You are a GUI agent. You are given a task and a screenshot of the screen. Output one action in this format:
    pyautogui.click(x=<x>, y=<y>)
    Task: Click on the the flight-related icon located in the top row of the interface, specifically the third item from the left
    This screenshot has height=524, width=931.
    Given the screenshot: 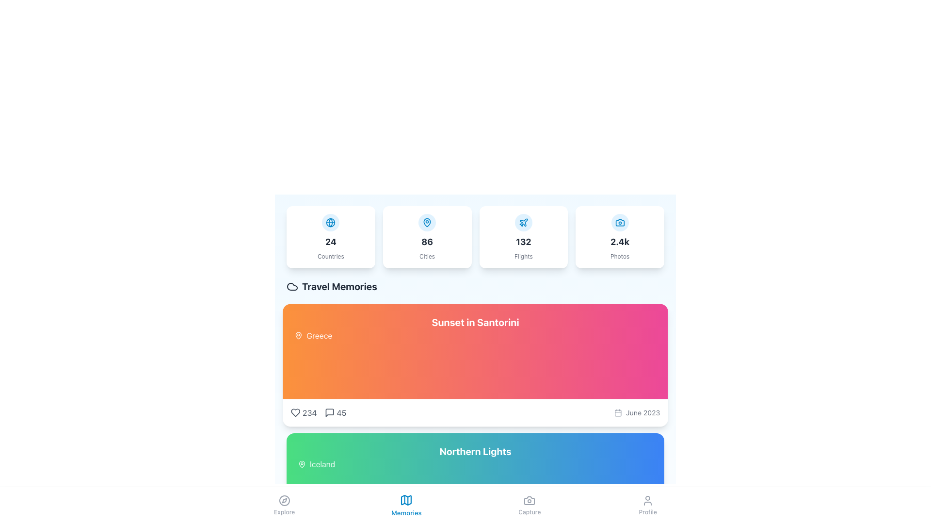 What is the action you would take?
    pyautogui.click(x=523, y=223)
    